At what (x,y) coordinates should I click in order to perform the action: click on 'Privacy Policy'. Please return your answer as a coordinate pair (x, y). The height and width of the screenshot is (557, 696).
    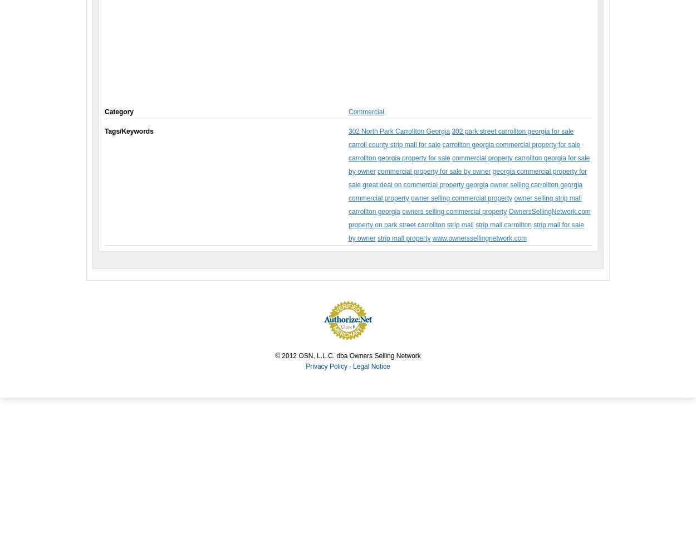
    Looking at the image, I should click on (326, 367).